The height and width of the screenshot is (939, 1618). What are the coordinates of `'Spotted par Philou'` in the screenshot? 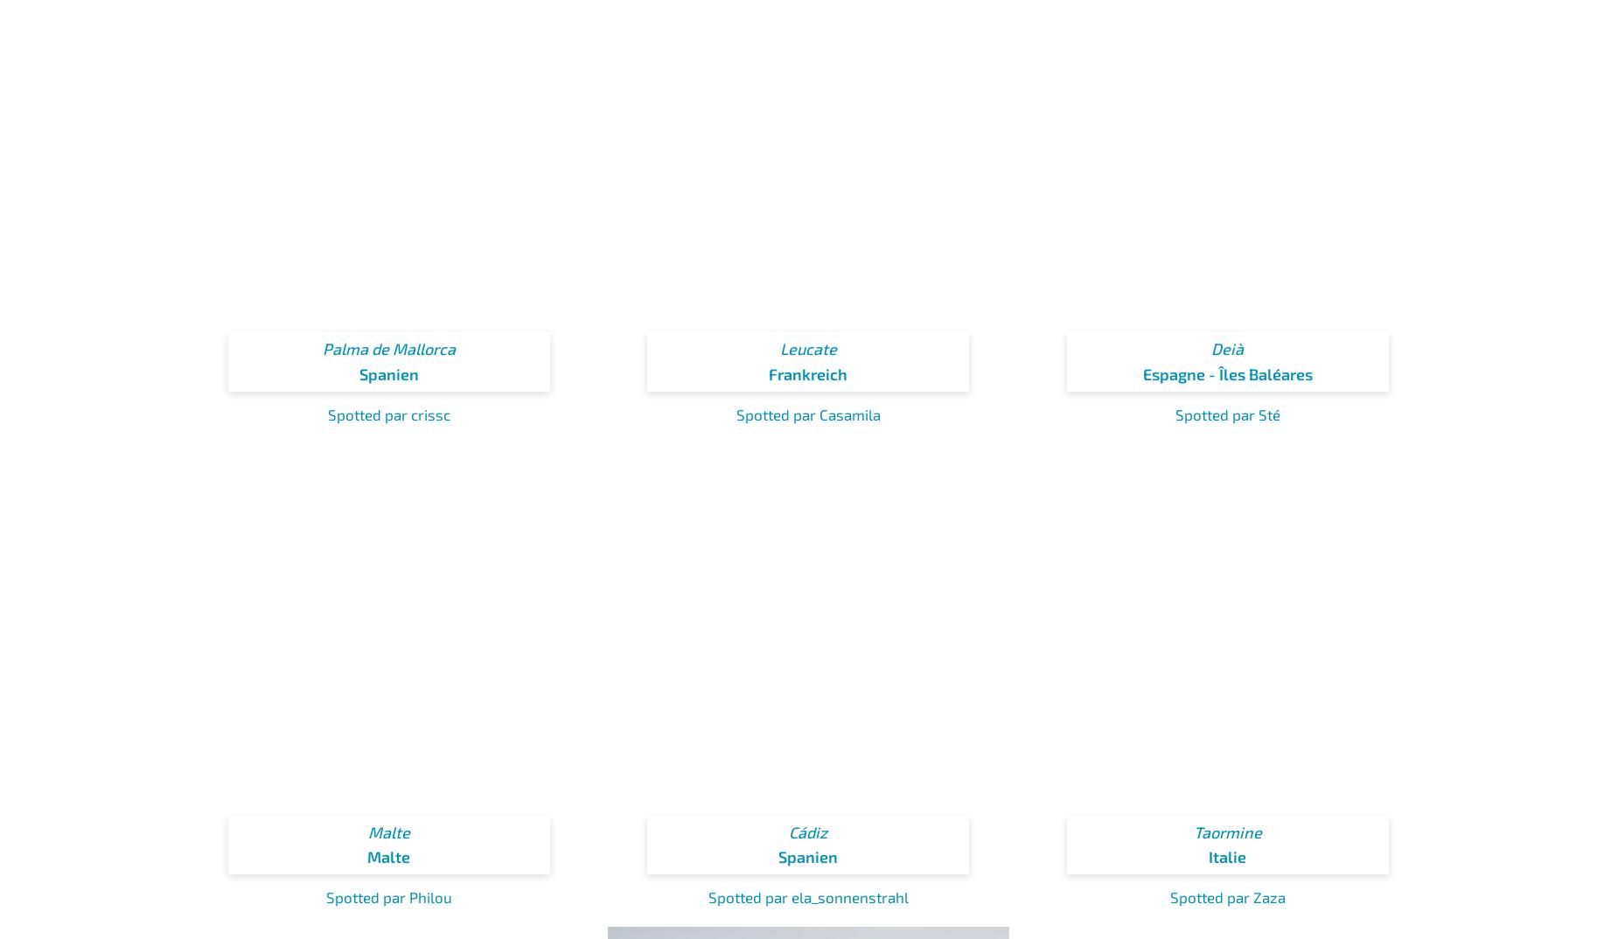 It's located at (387, 896).